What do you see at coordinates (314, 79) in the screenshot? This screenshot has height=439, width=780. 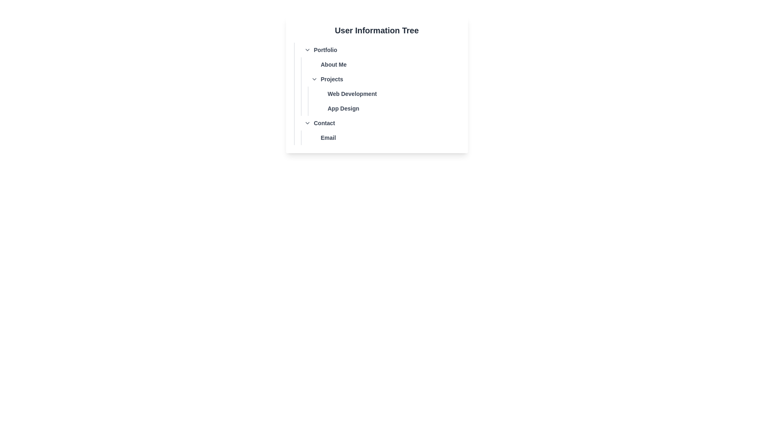 I see `the Dropdown toggler icon, which is a small downward-pointing chevron located to the left of the text 'Projects'` at bounding box center [314, 79].